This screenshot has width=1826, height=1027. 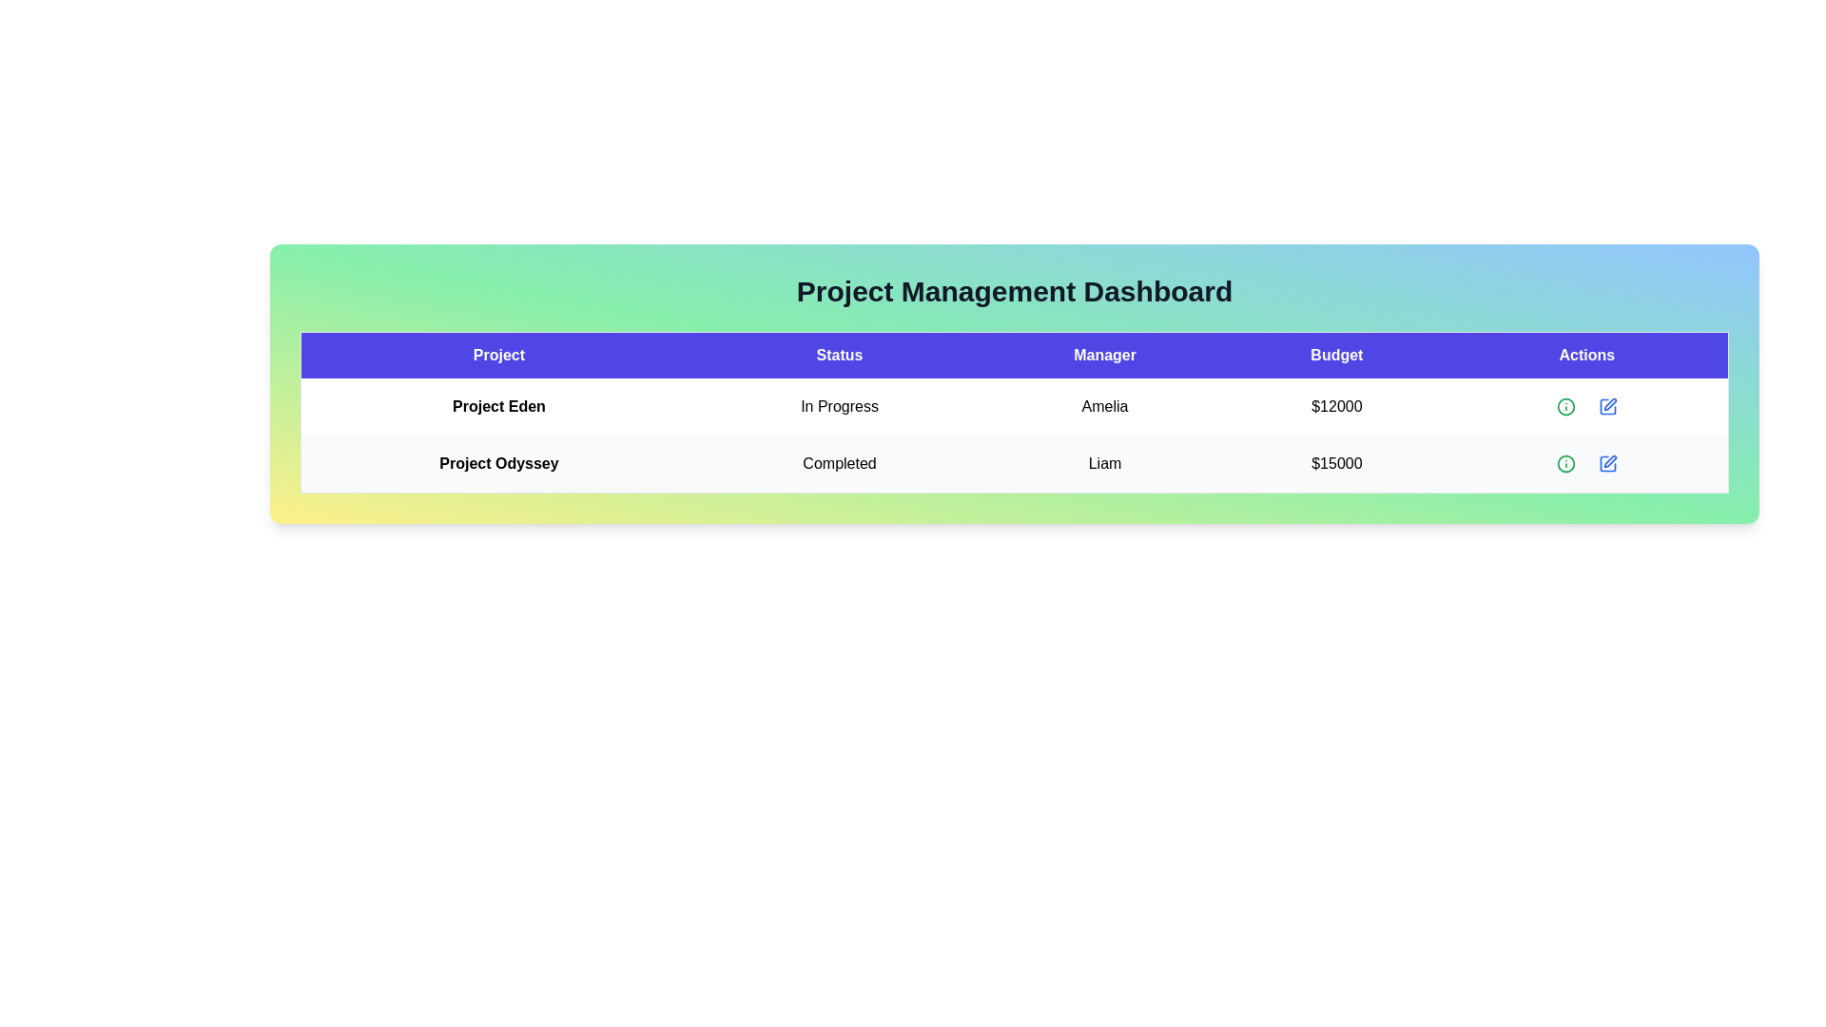 What do you see at coordinates (1606, 406) in the screenshot?
I see `the blue edit icon (pen and square combination) located in the 'Actions' column of the 'Project Eden' row in the data table to initiate the edit action` at bounding box center [1606, 406].